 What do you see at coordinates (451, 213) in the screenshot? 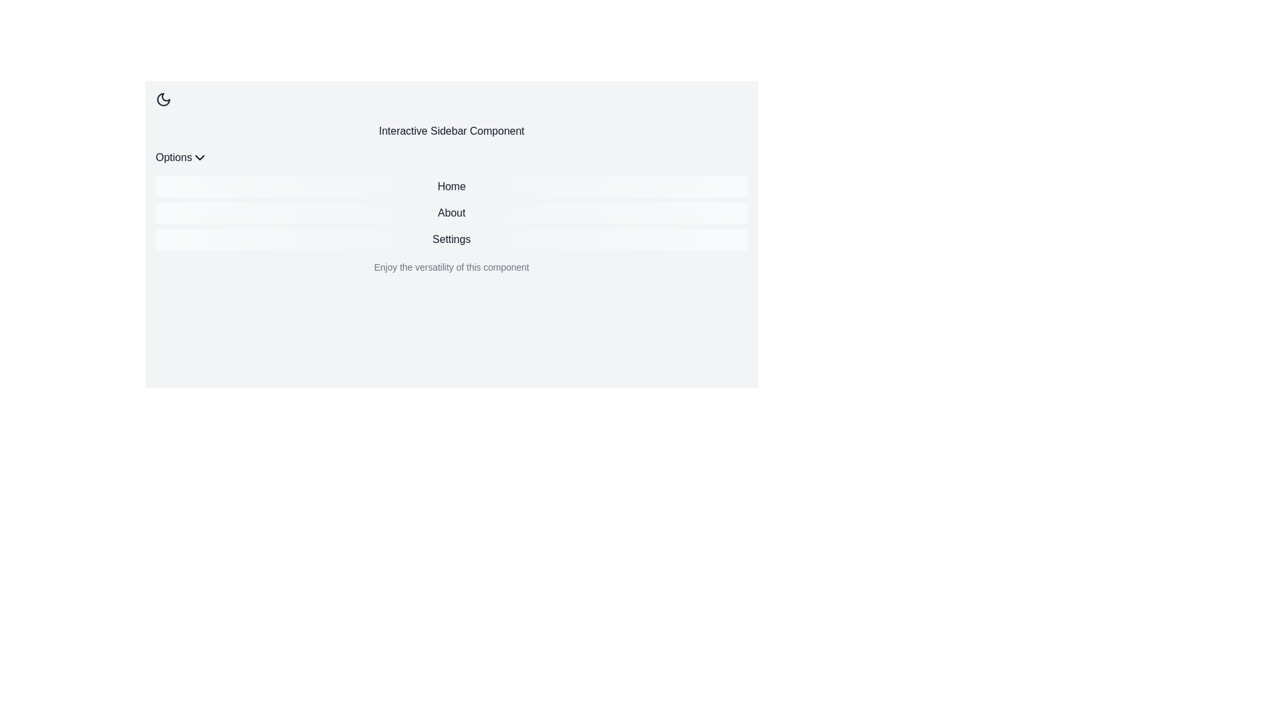
I see `the second navigation link in the sidebar that leads to the 'About' section` at bounding box center [451, 213].